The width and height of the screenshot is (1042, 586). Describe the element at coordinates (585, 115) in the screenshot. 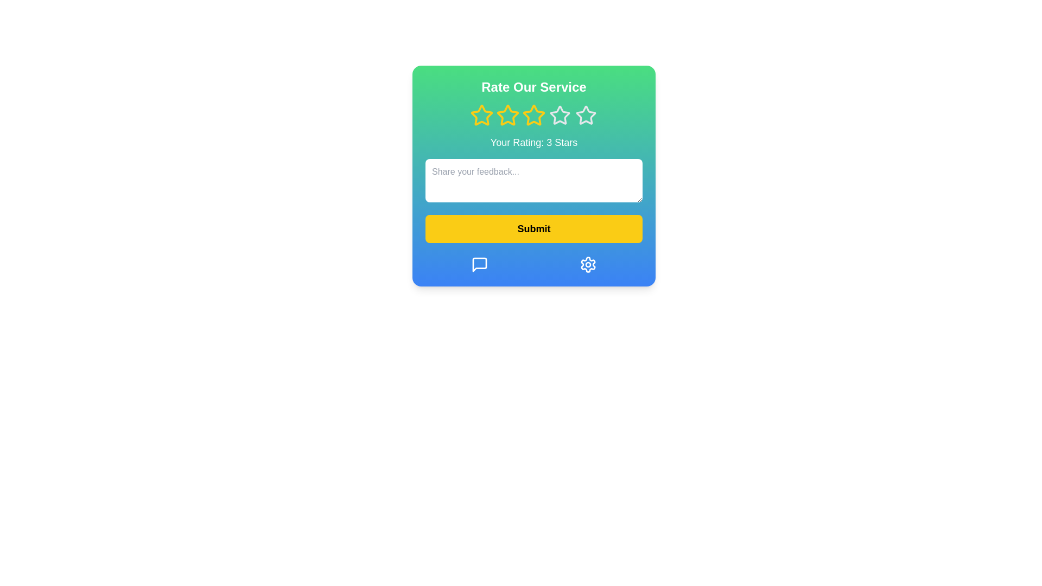

I see `the fourth star in the interactive rating system` at that location.